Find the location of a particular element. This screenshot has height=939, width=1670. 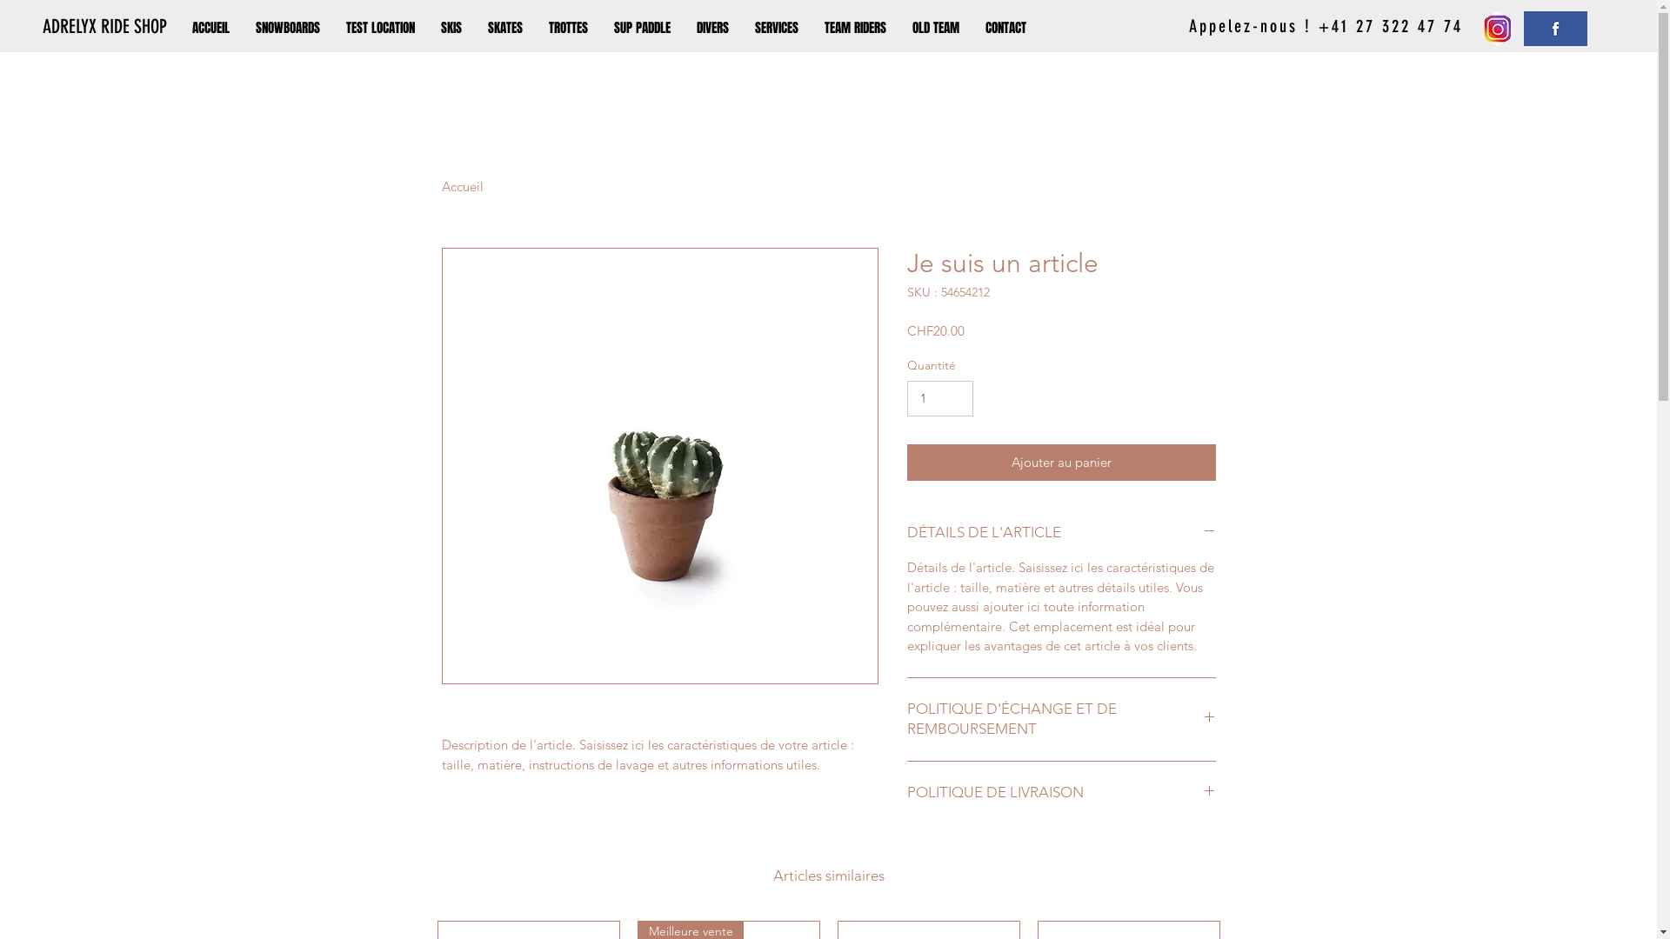

'CONTACT' is located at coordinates (1005, 27).